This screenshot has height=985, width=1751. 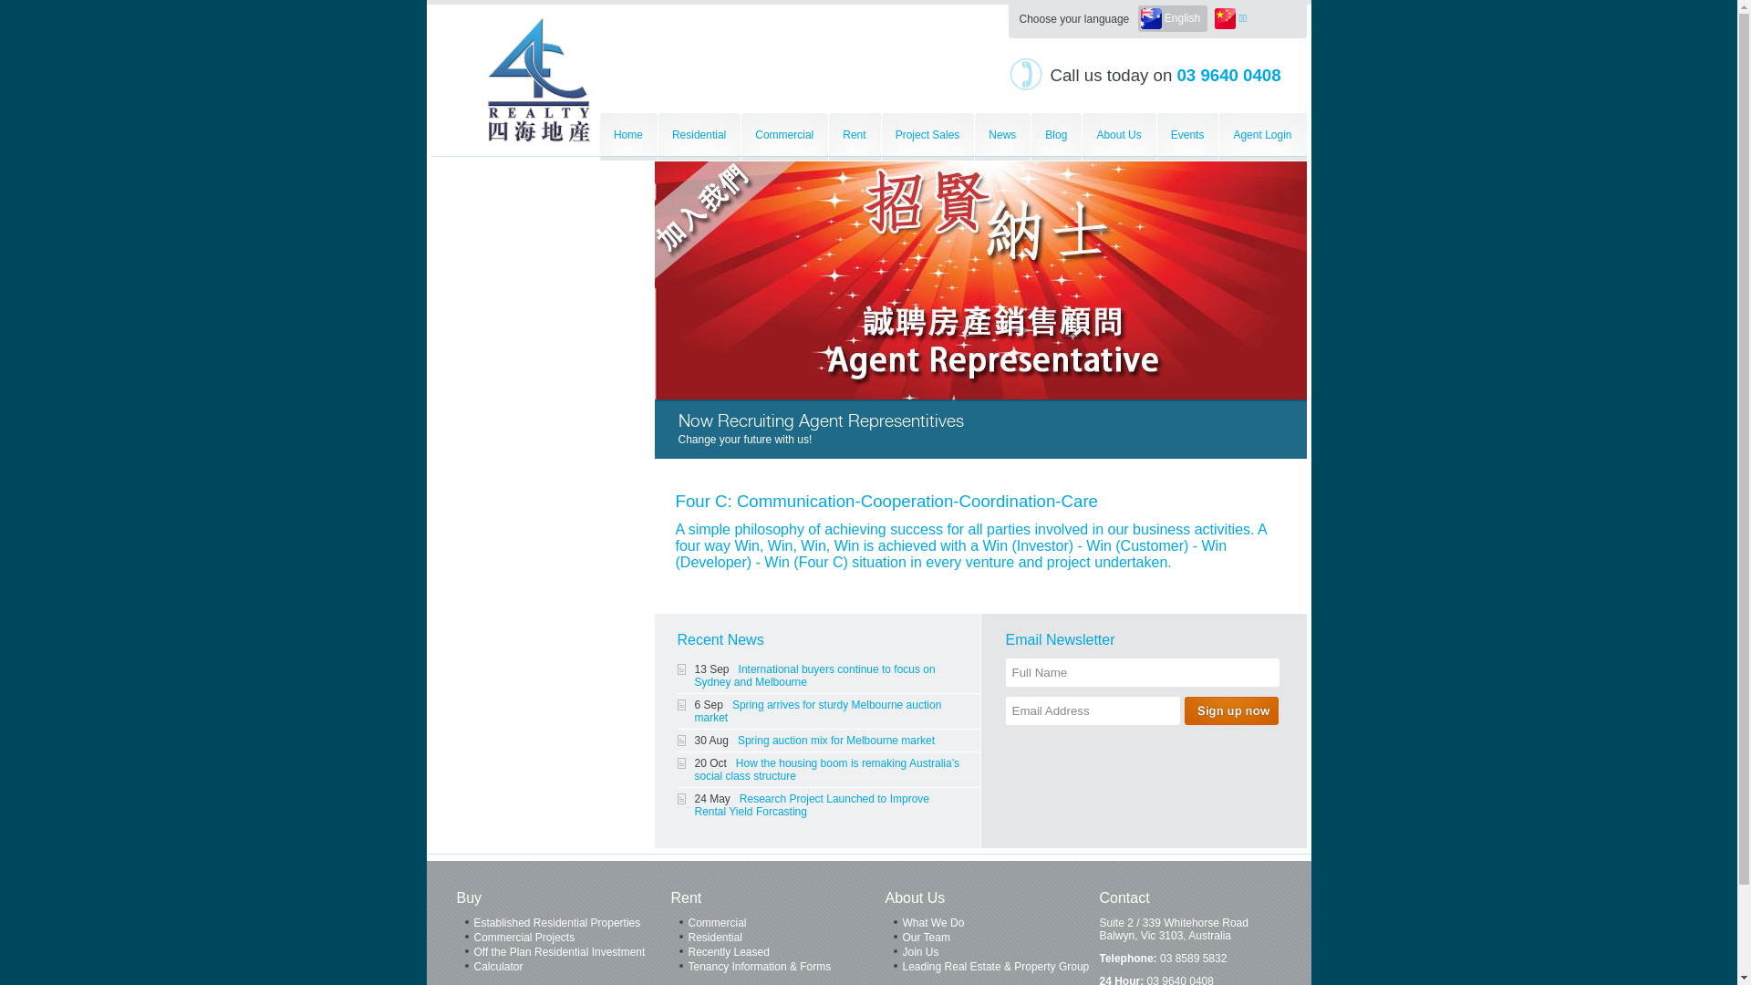 I want to click on ' English', so click(x=1173, y=18).